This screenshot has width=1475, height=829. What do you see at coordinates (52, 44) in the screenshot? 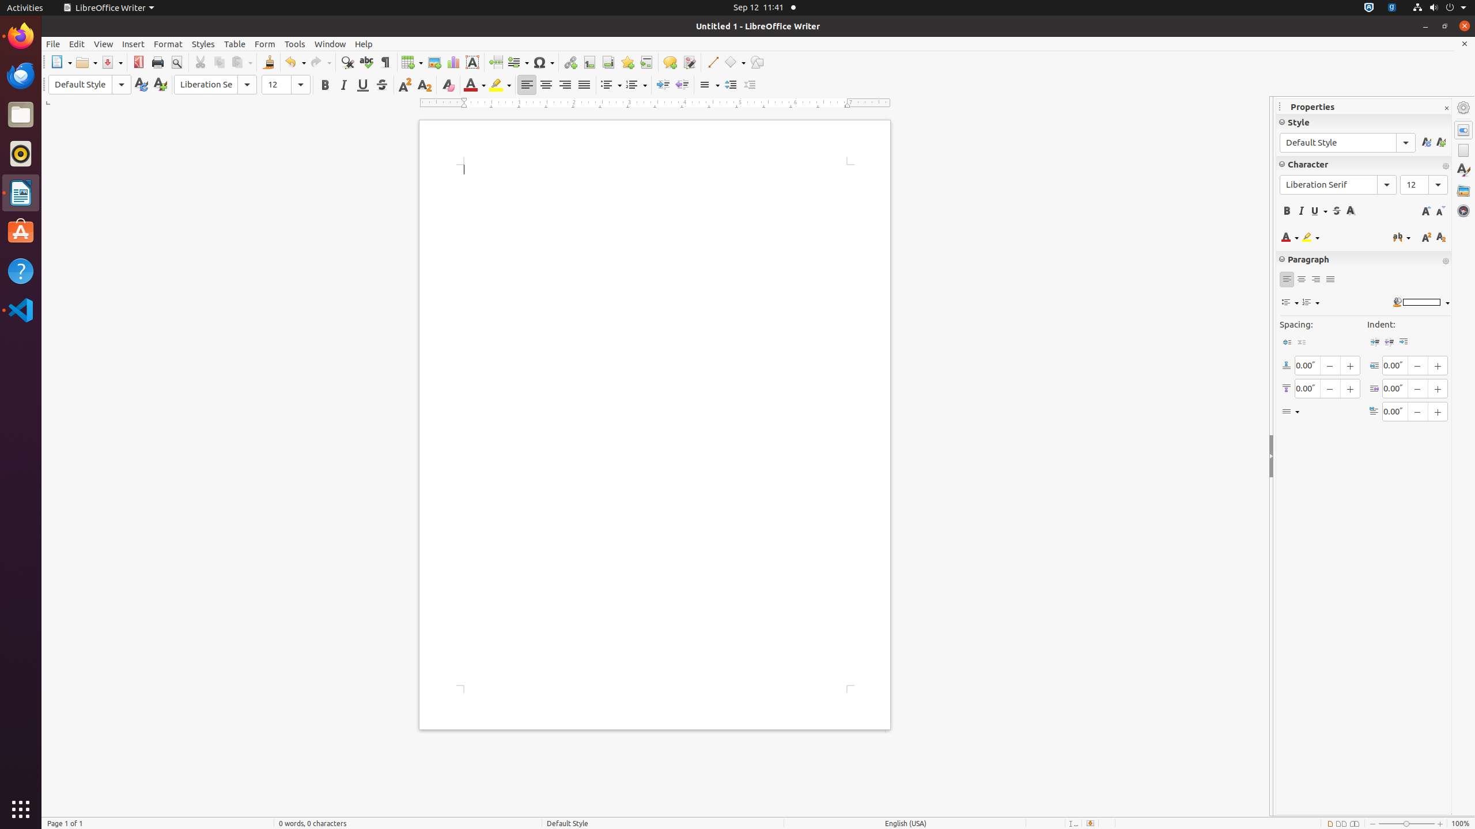
I see `'File'` at bounding box center [52, 44].